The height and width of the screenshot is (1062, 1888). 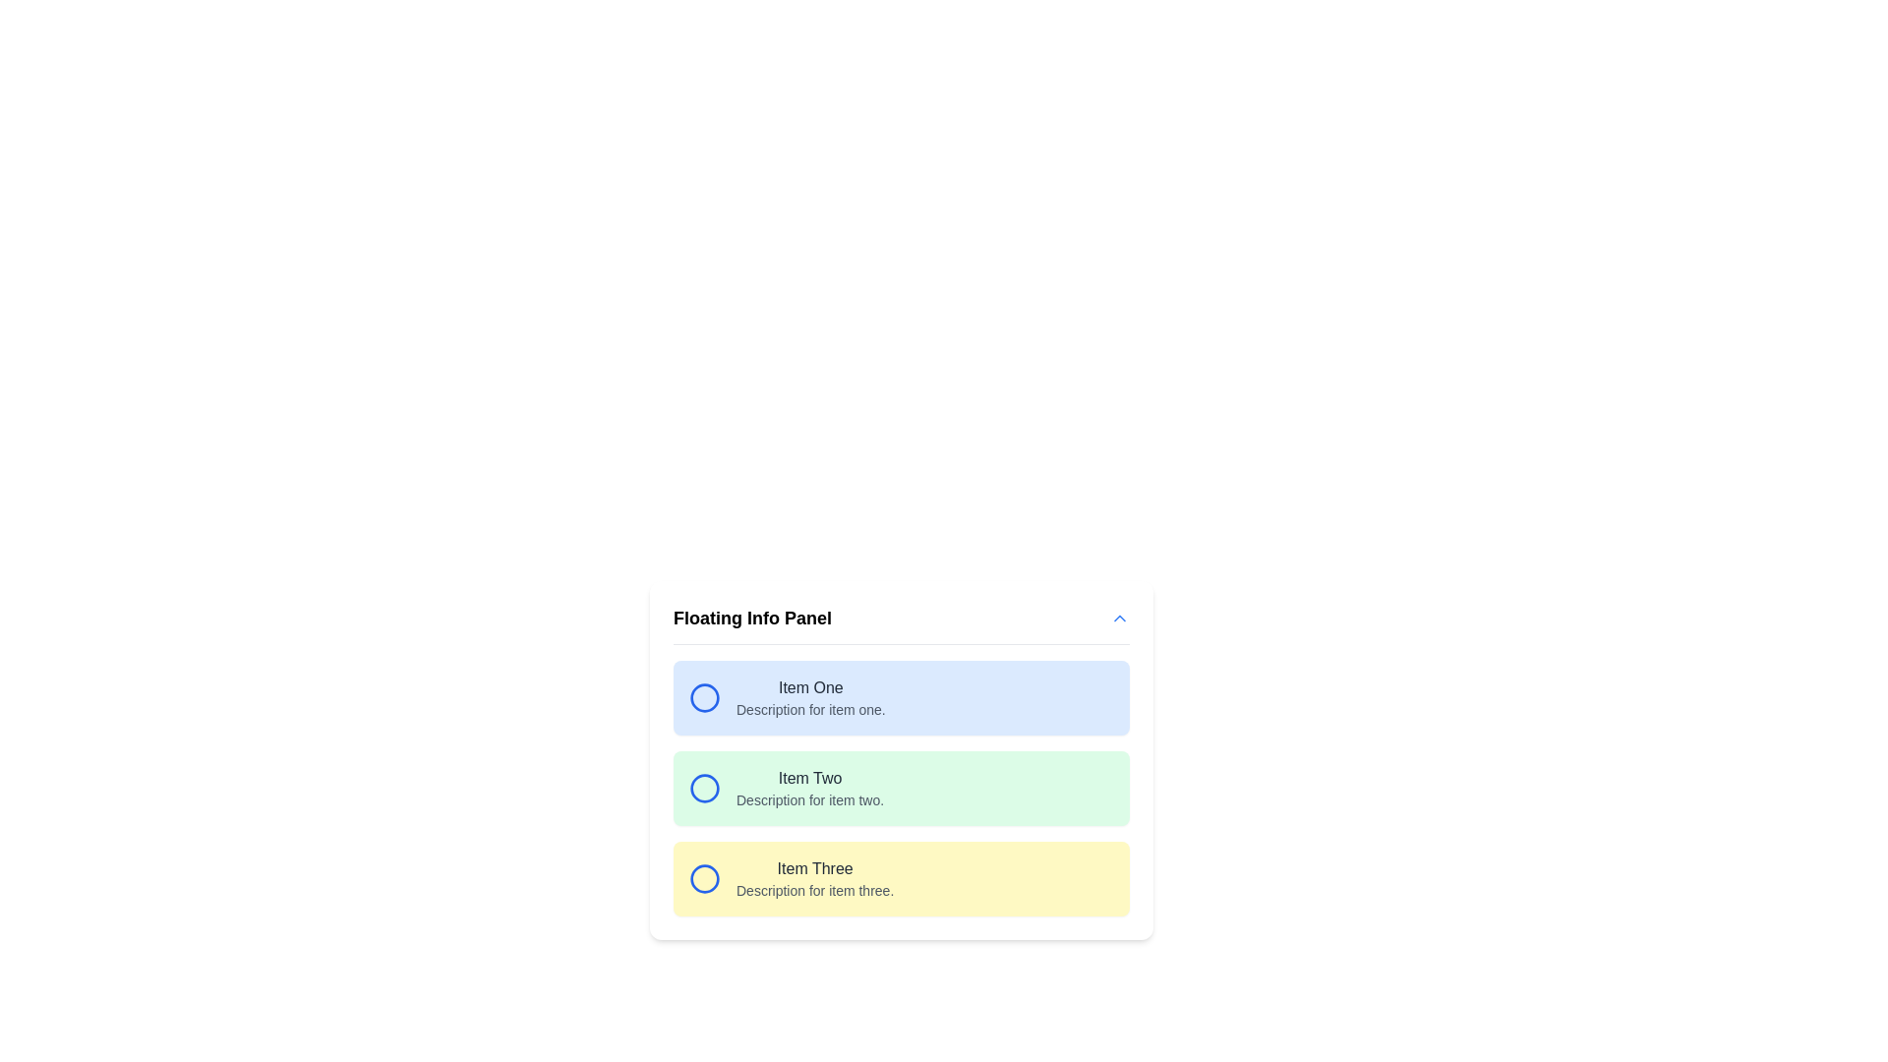 I want to click on the circular icon with a blue outline located to the left of the text 'Item One' within the information card titled 'Item One' in the top section of the 'Floating Info Panel', so click(x=704, y=696).